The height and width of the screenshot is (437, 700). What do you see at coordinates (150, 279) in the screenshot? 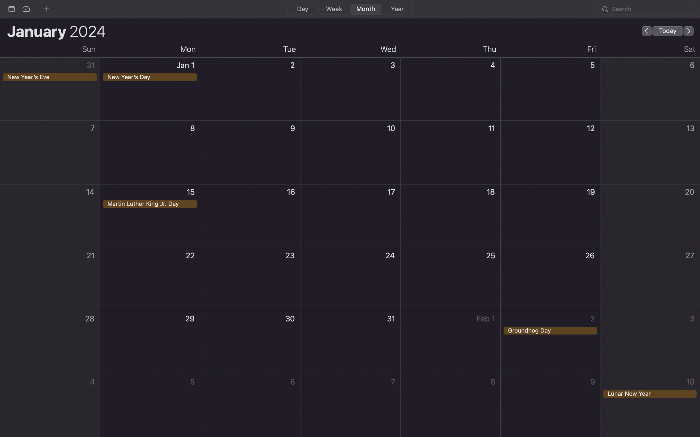
I see `Arrange a program on January 22` at bounding box center [150, 279].